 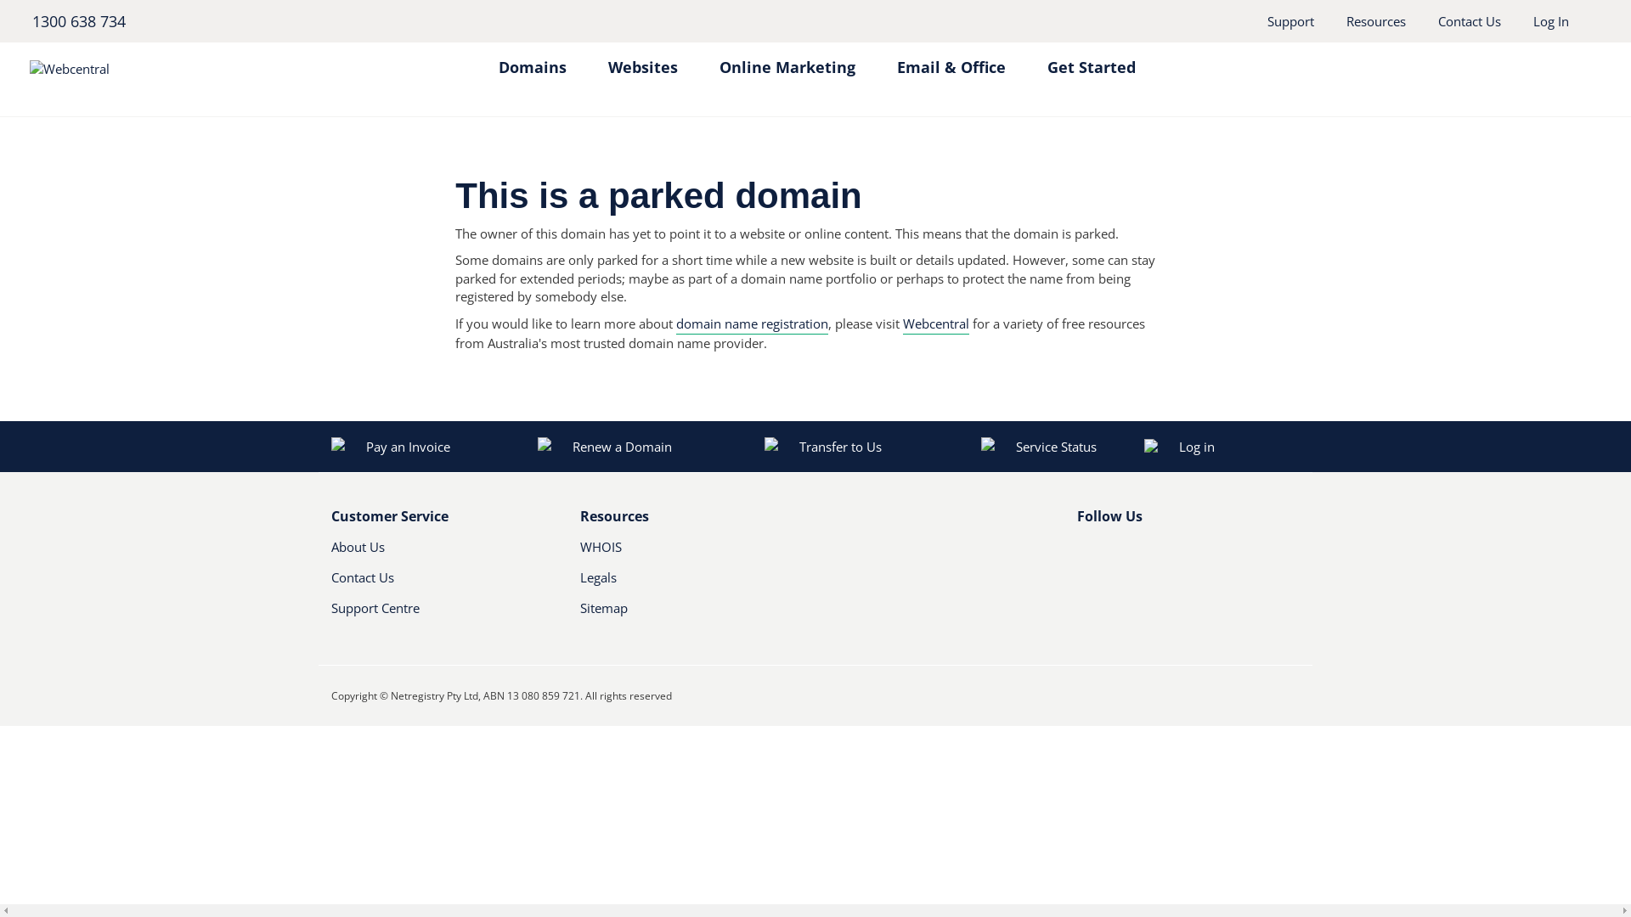 What do you see at coordinates (1087, 554) in the screenshot?
I see `'Facebook'` at bounding box center [1087, 554].